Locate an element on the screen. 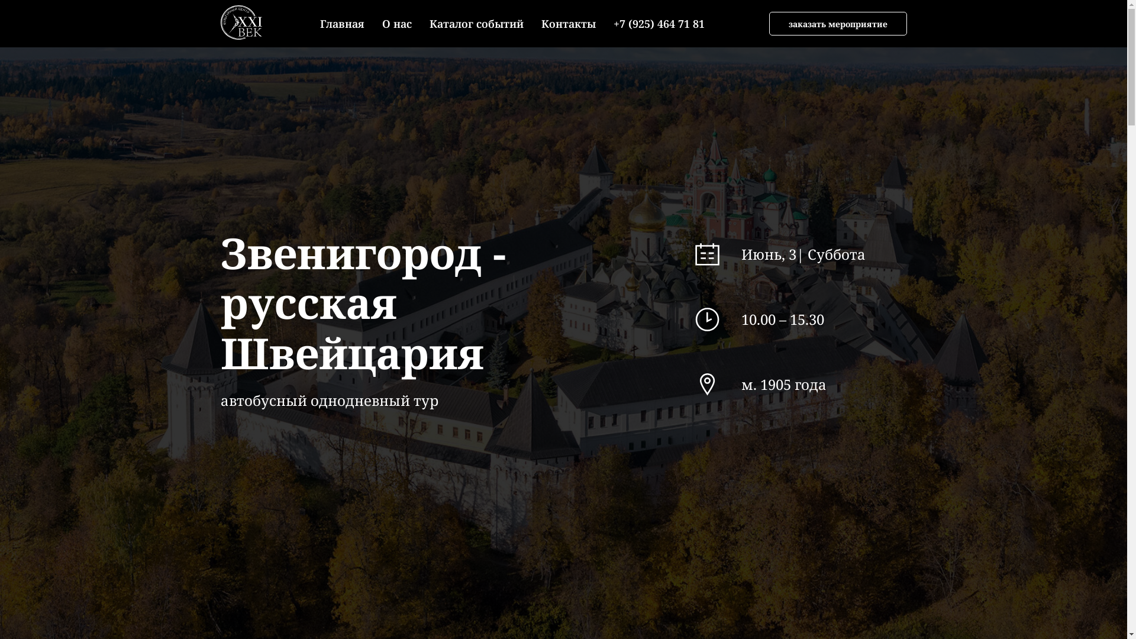 The height and width of the screenshot is (639, 1136). '+7 (925) 464 71 81' is located at coordinates (613, 23).